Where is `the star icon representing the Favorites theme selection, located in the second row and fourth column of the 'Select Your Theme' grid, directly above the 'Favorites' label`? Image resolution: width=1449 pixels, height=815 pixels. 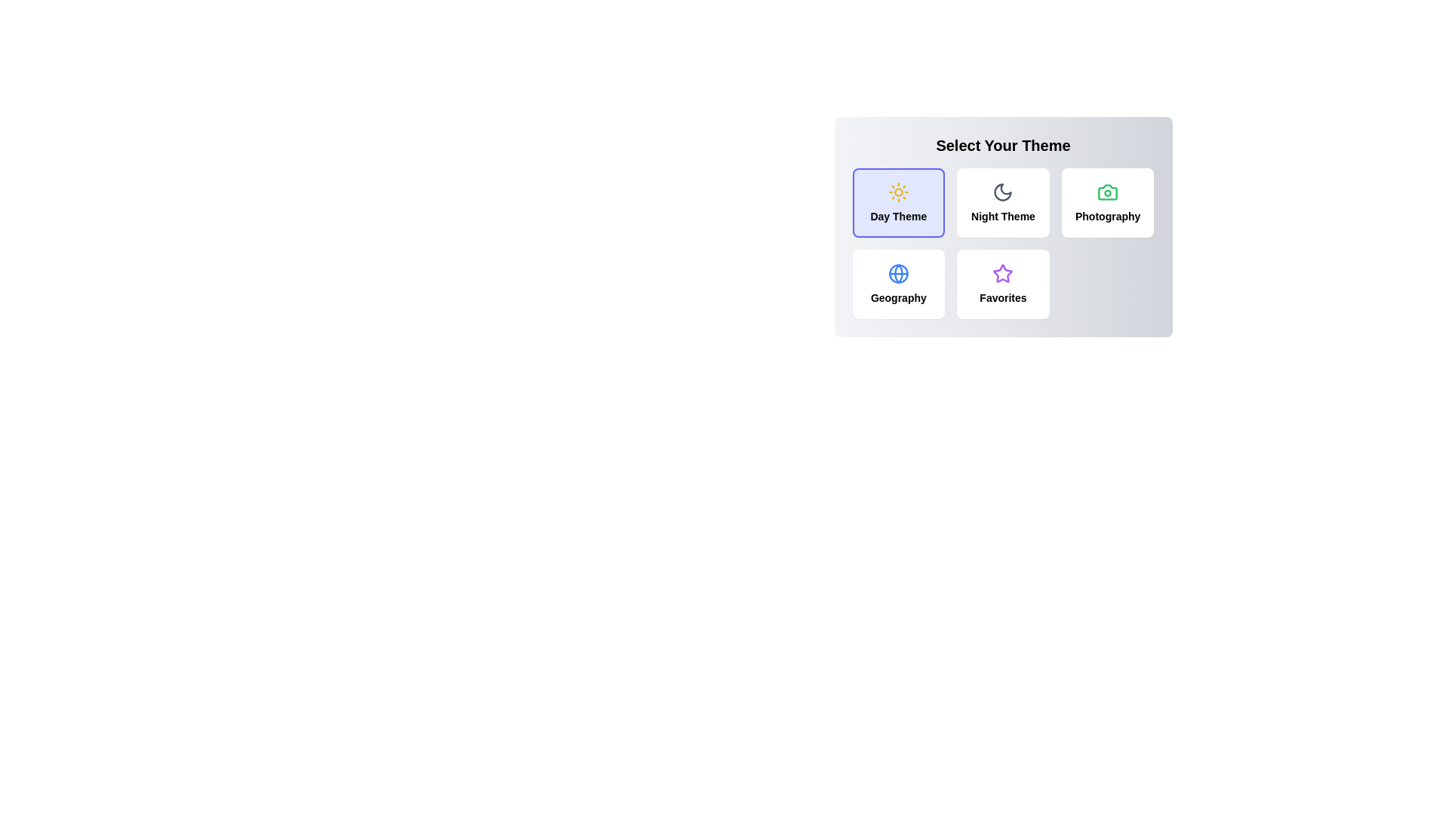
the star icon representing the Favorites theme selection, located in the second row and fourth column of the 'Select Your Theme' grid, directly above the 'Favorites' label is located at coordinates (1003, 273).